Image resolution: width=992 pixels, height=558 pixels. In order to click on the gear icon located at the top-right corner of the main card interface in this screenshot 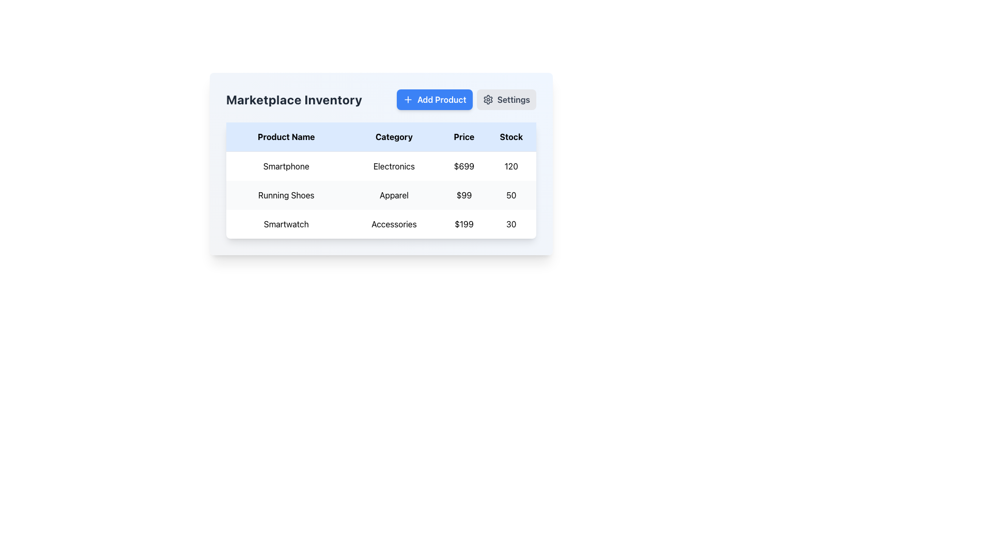, I will do `click(487, 99)`.